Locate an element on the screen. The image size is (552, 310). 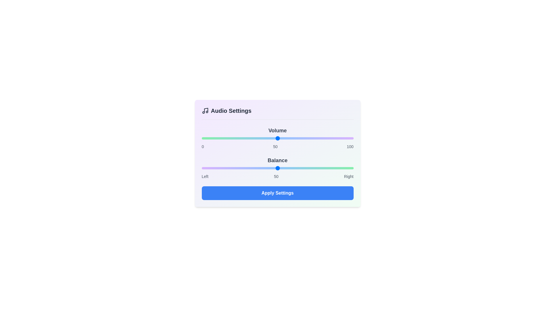
the volume level is located at coordinates (256, 138).